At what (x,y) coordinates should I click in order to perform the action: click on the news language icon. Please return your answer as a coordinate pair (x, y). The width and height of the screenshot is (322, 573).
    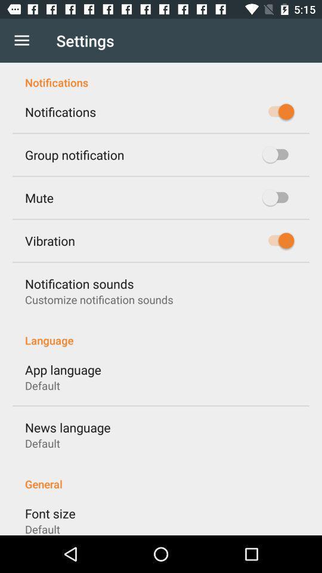
    Looking at the image, I should click on (67, 427).